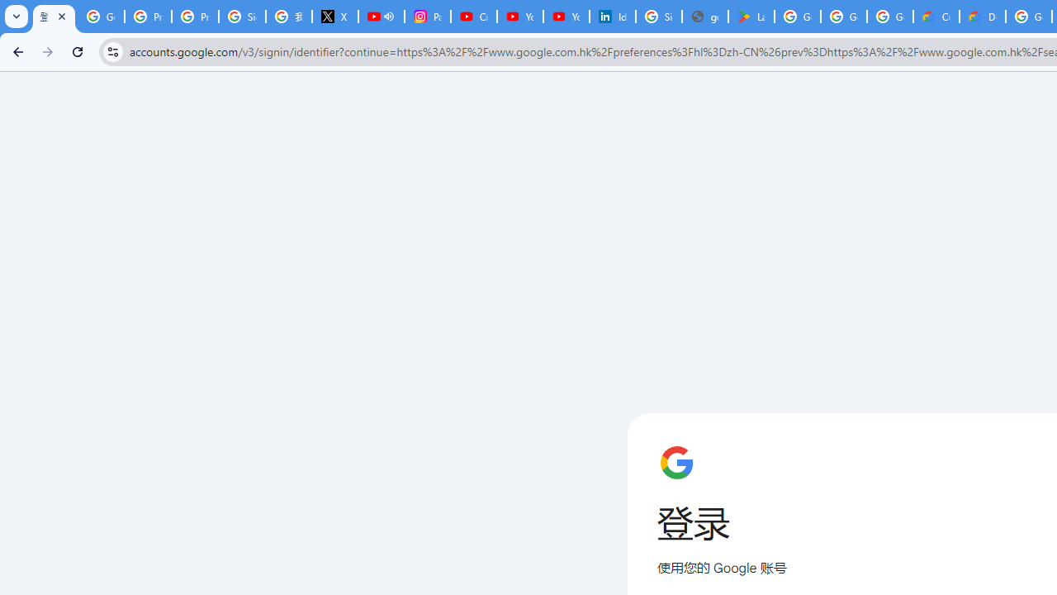  Describe the element at coordinates (195, 17) in the screenshot. I see `'Privacy Help Center - Policies Help'` at that location.